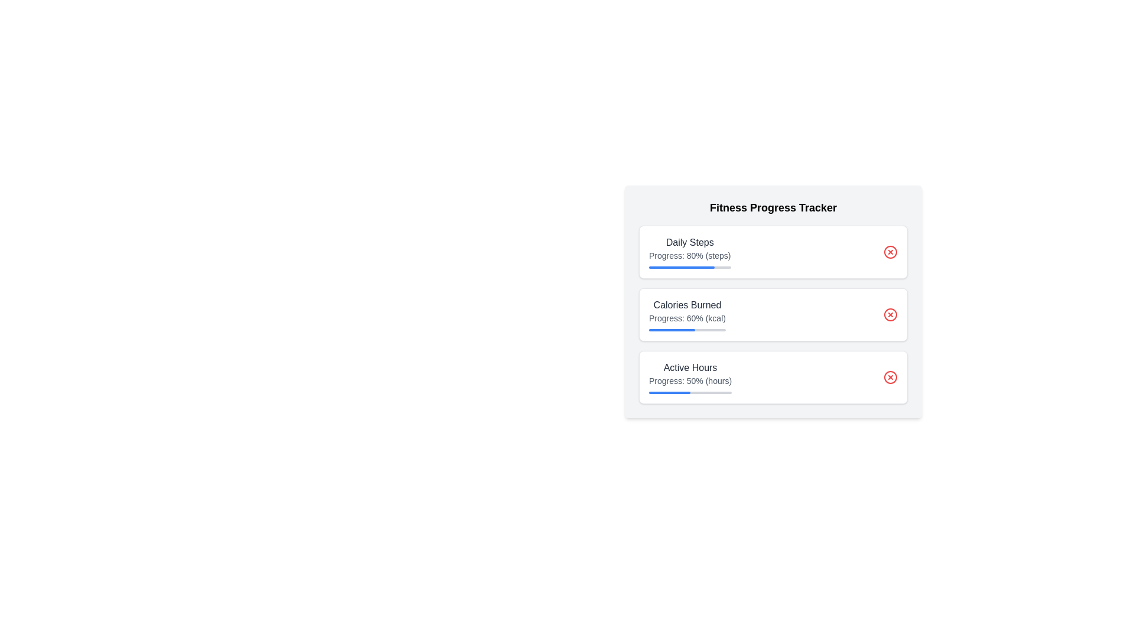 This screenshot has height=638, width=1134. Describe the element at coordinates (890, 252) in the screenshot. I see `the outer circular part of the cross icon, which indicates an actionable feature for removing or deleting a progress entry on the right side of the first card in the vertical stack of progress categories` at that location.